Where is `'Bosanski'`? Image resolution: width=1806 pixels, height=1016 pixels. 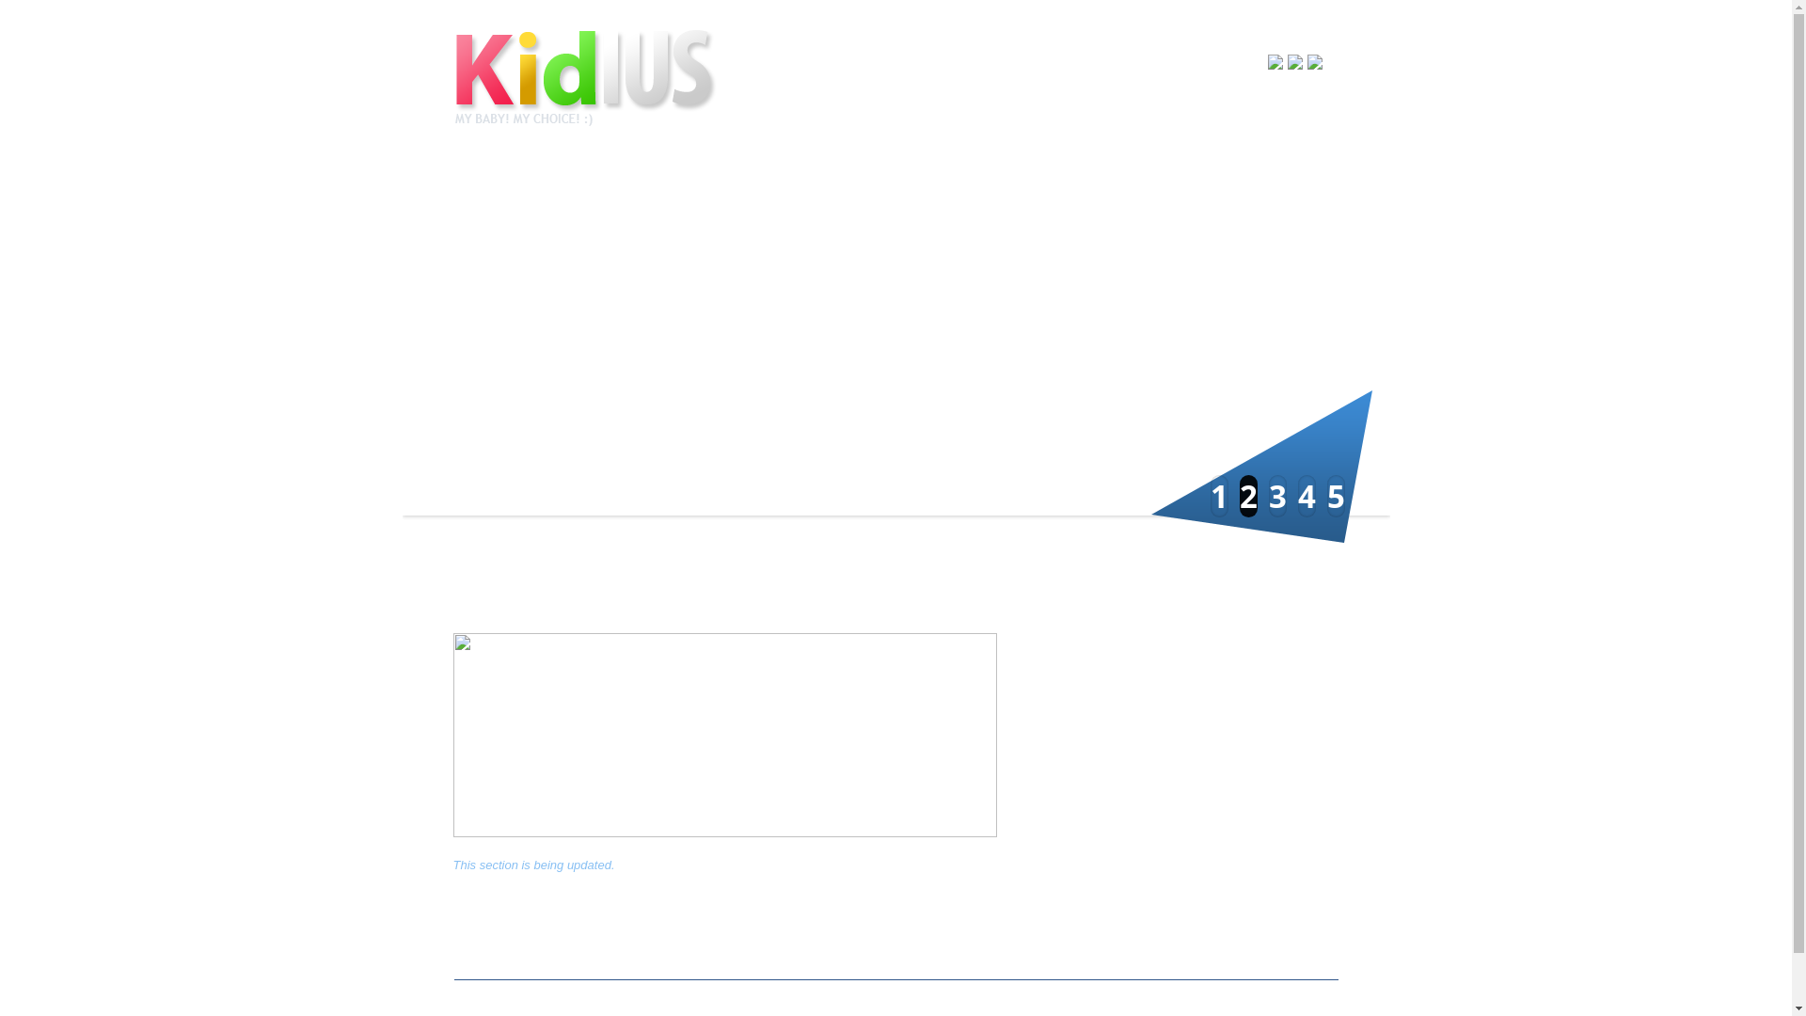
'Bosanski' is located at coordinates (1268, 60).